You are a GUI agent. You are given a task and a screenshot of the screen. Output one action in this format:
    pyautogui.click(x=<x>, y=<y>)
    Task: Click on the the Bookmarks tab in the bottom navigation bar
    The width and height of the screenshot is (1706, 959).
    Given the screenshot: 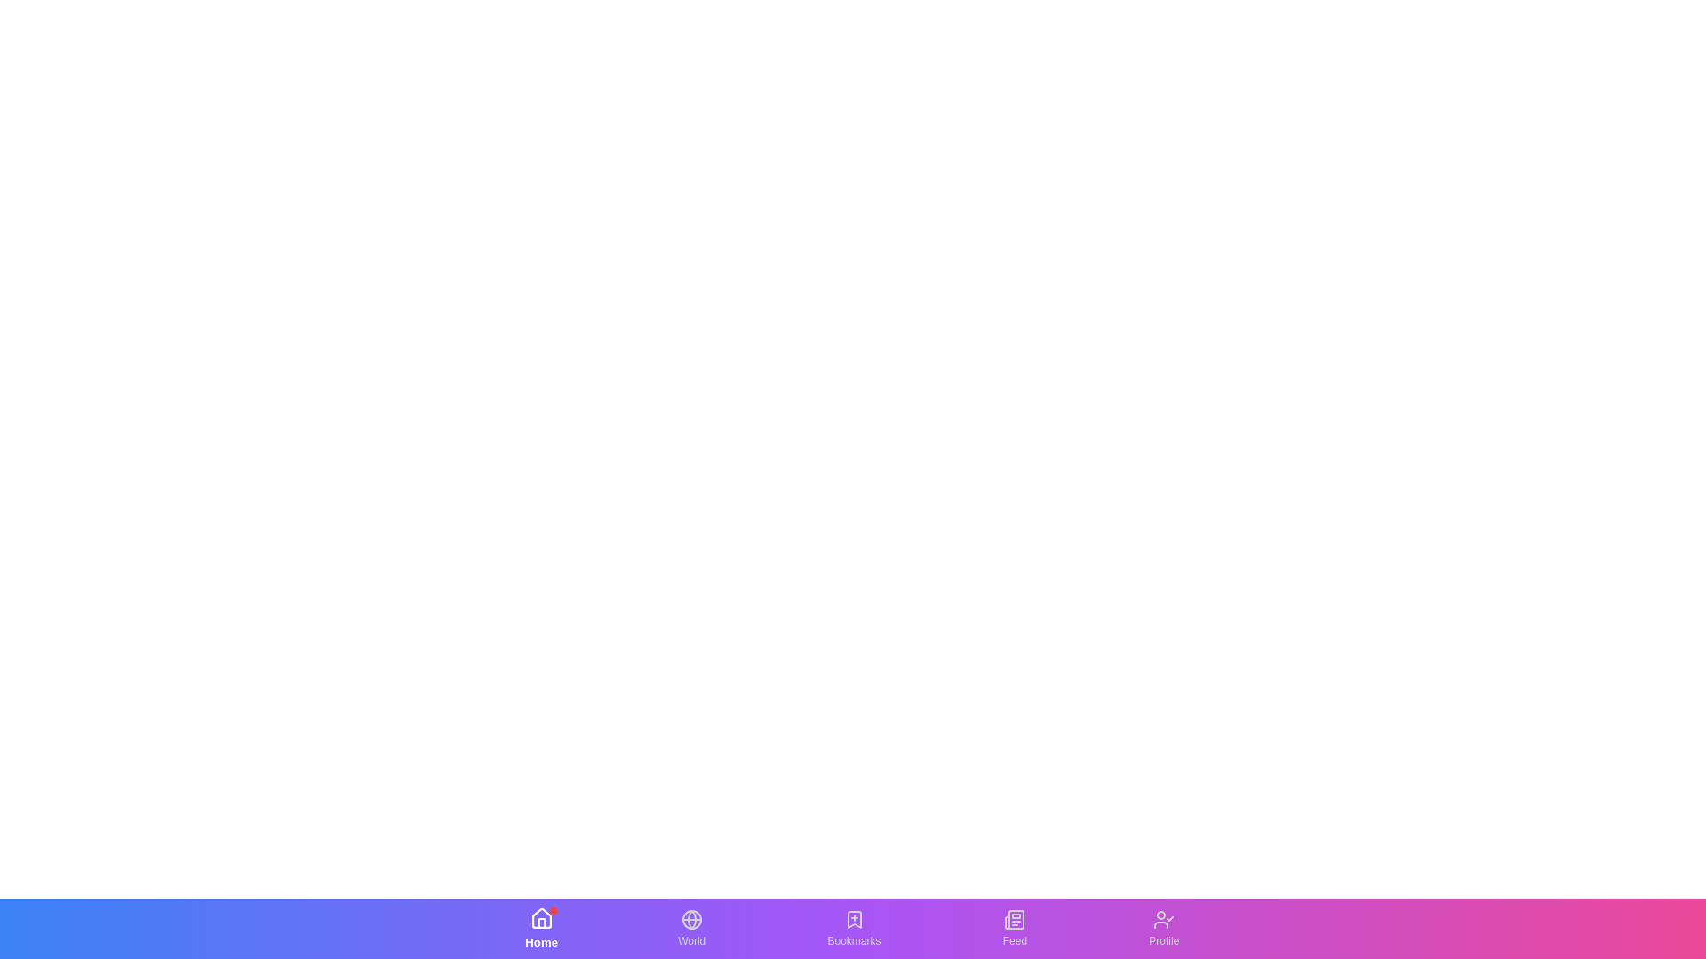 What is the action you would take?
    pyautogui.click(x=854, y=927)
    